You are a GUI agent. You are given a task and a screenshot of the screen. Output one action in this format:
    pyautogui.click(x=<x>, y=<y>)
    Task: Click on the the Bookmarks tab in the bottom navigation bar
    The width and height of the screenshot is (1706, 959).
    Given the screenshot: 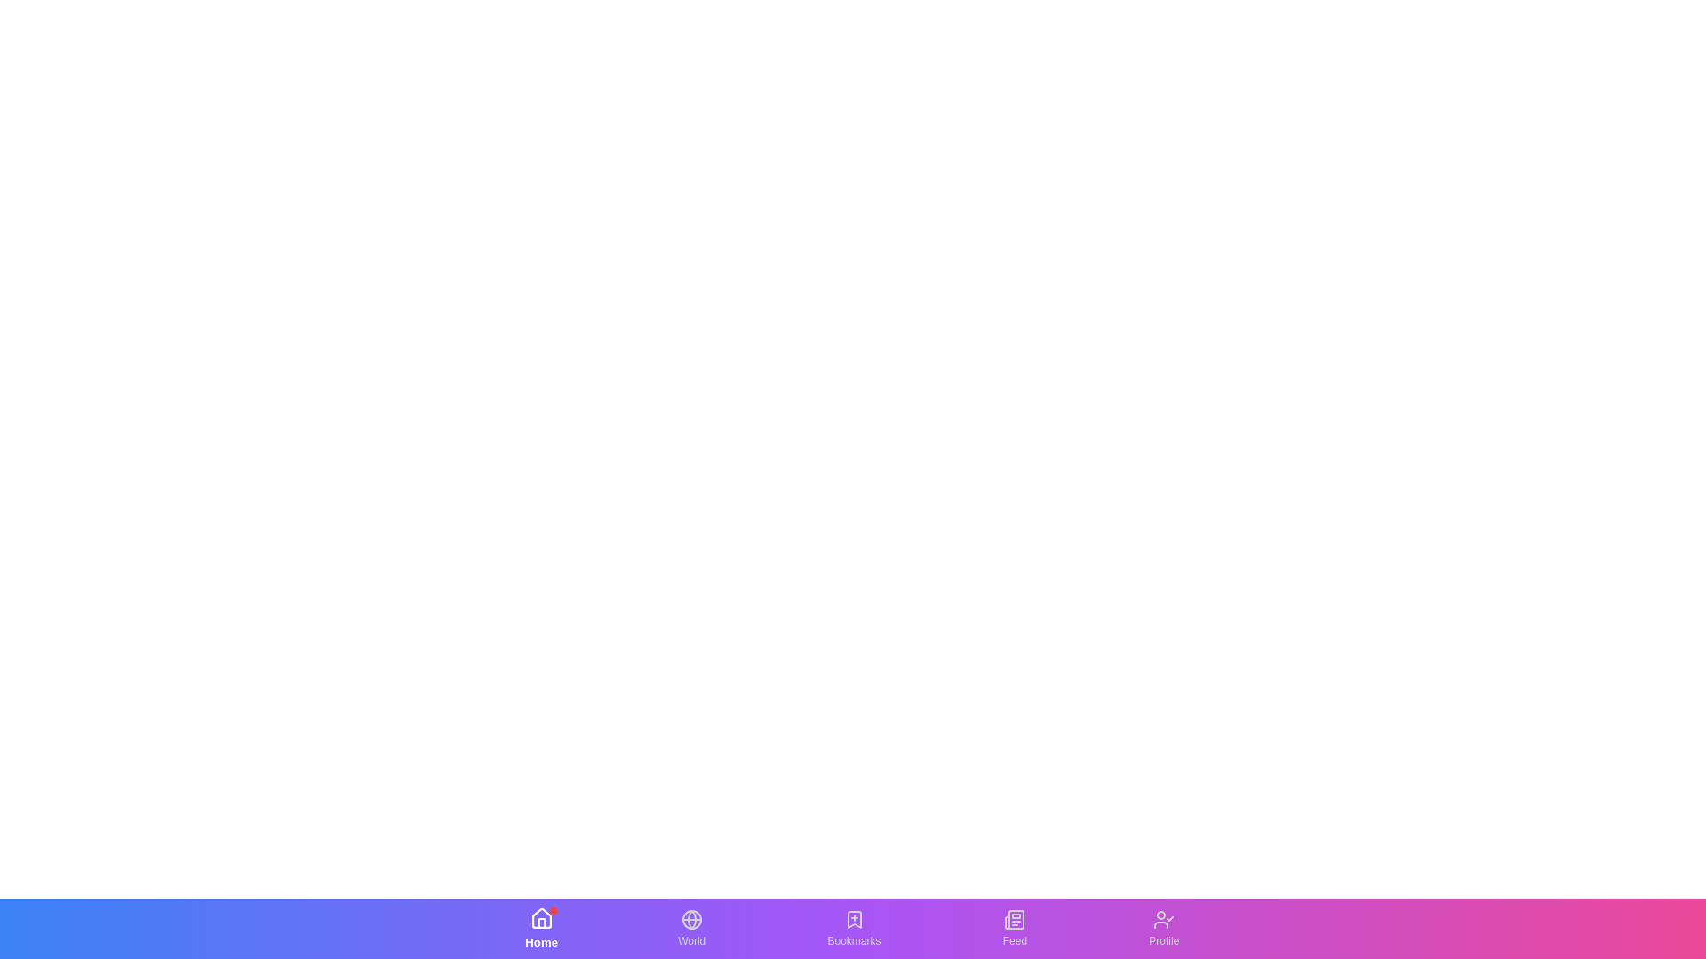 What is the action you would take?
    pyautogui.click(x=854, y=927)
    